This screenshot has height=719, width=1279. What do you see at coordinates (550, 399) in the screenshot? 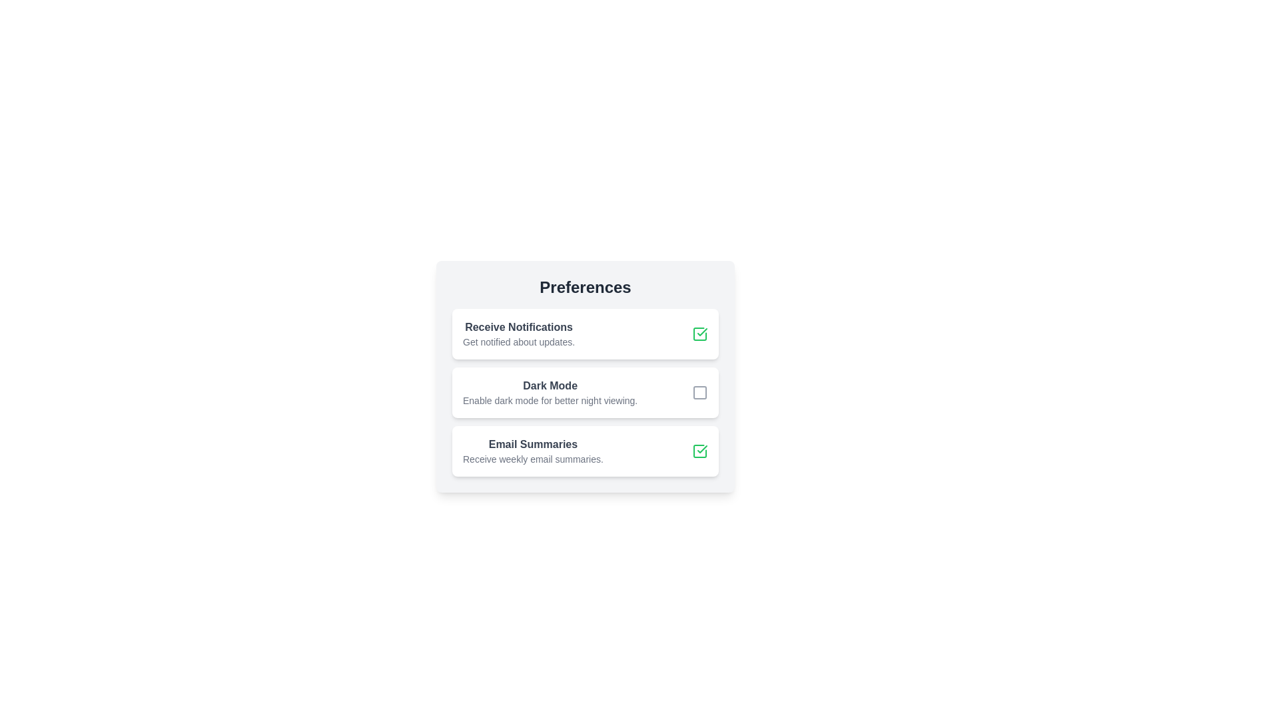
I see `the static text that reads 'Enable dark mode for better night viewing.' located beneath the 'Dark Mode' title in the settings menu` at bounding box center [550, 399].